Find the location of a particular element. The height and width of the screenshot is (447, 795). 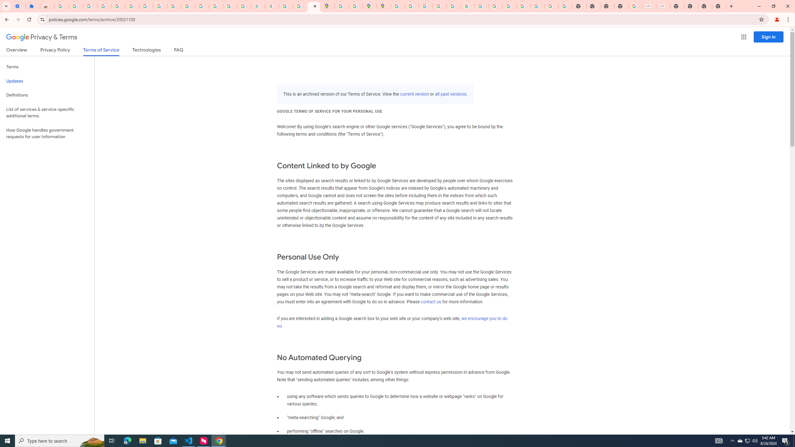

'LAAD Defence & Security 2025 | BAE Systems' is located at coordinates (649, 6).